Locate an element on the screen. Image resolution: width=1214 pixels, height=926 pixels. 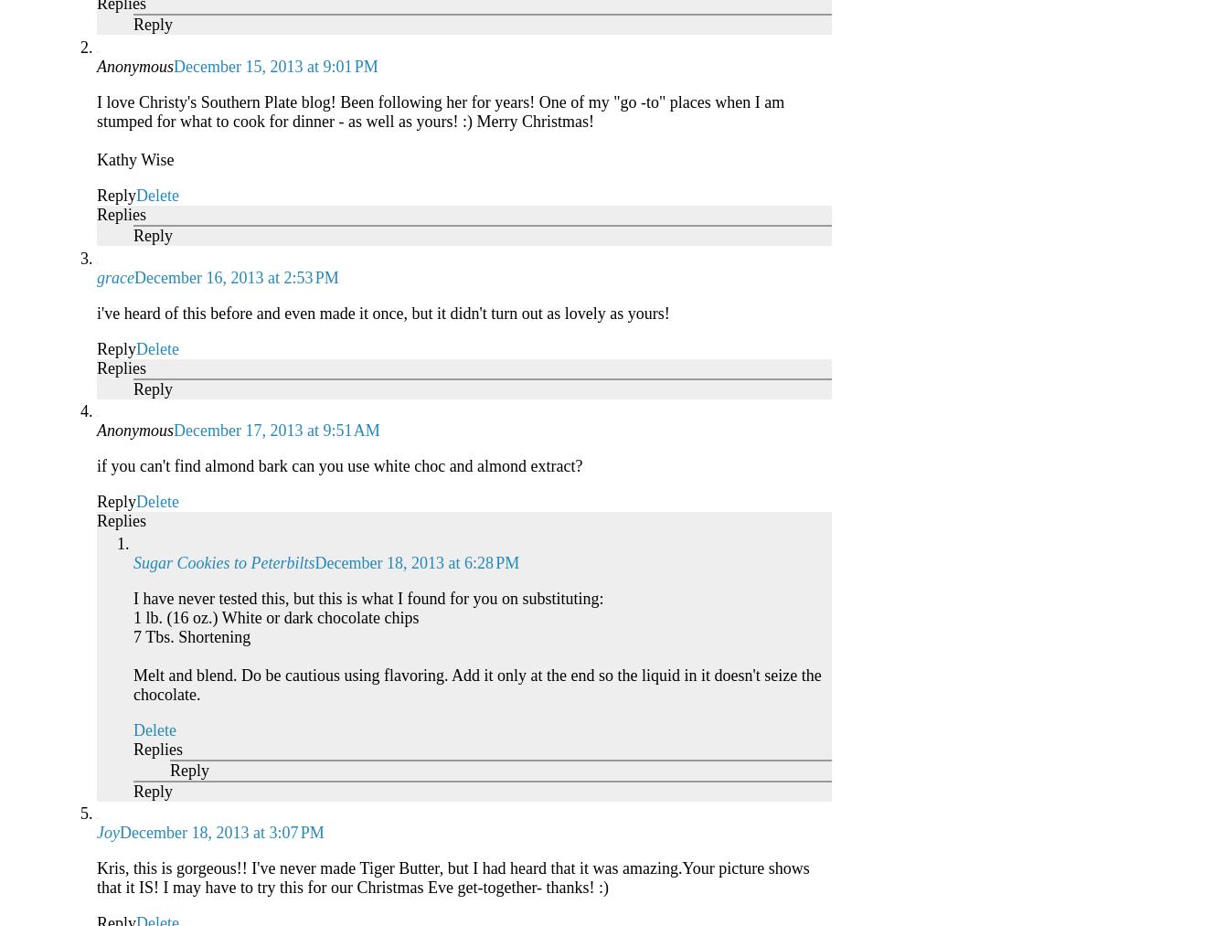
'Kris, this is gorgeous!! I've never made Tiger Butter, but I had heard that it was amazing.Your picture shows that it IS! I may have to try this for our Christmas Eve get-together- thanks! :)' is located at coordinates (96, 878).